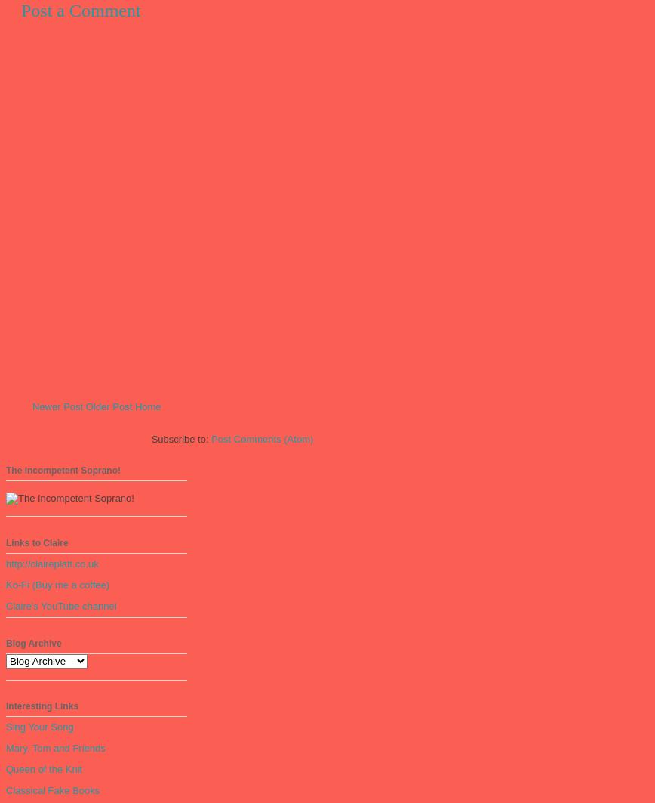  Describe the element at coordinates (147, 406) in the screenshot. I see `'Home'` at that location.